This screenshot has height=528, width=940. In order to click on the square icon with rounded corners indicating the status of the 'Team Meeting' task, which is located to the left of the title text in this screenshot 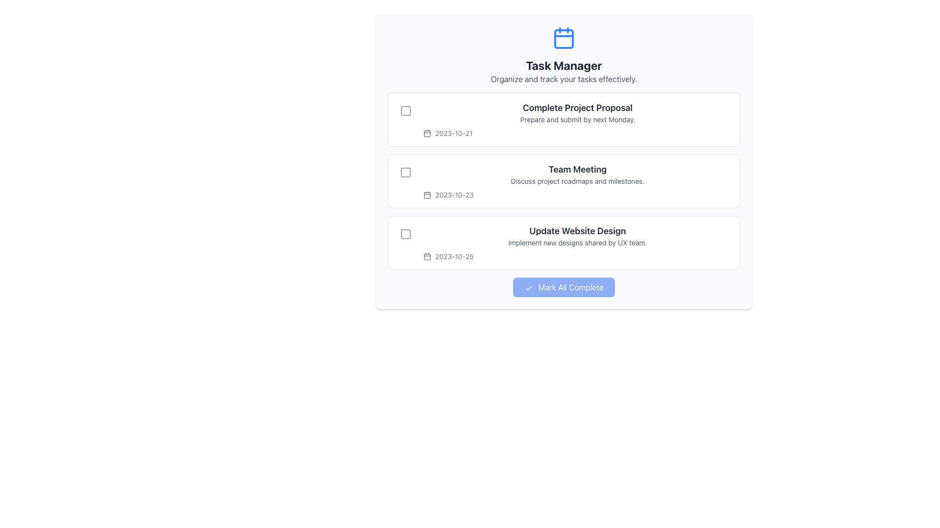, I will do `click(406, 172)`.